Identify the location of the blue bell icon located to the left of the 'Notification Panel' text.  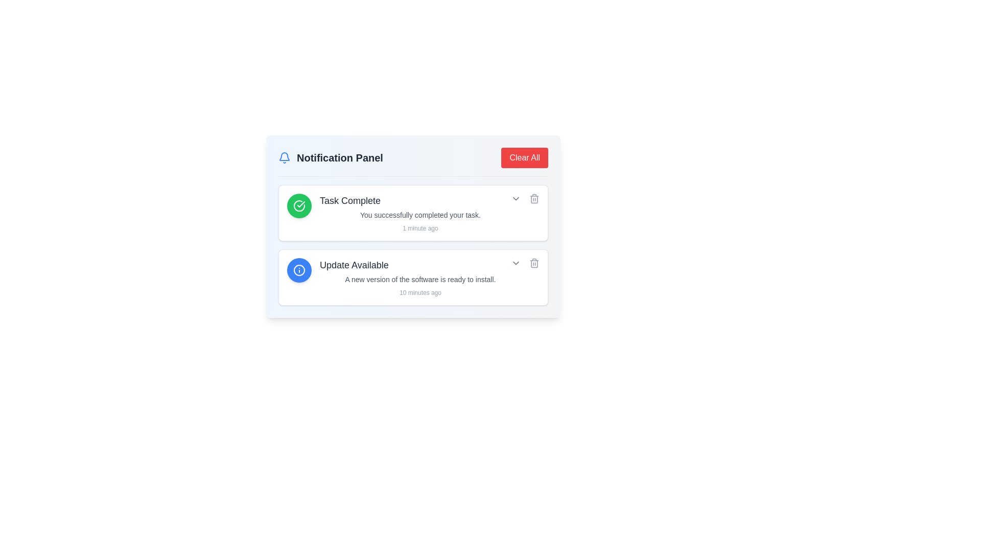
(284, 157).